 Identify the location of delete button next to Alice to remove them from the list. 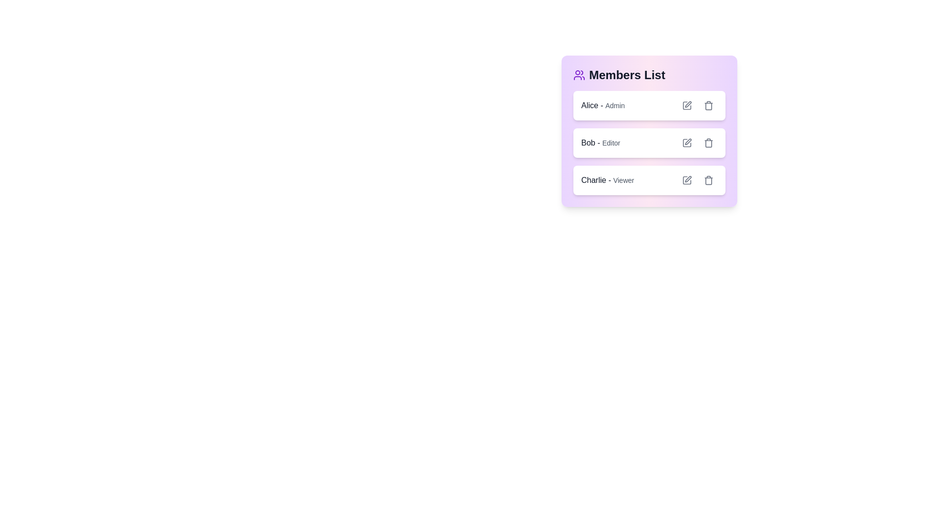
(709, 106).